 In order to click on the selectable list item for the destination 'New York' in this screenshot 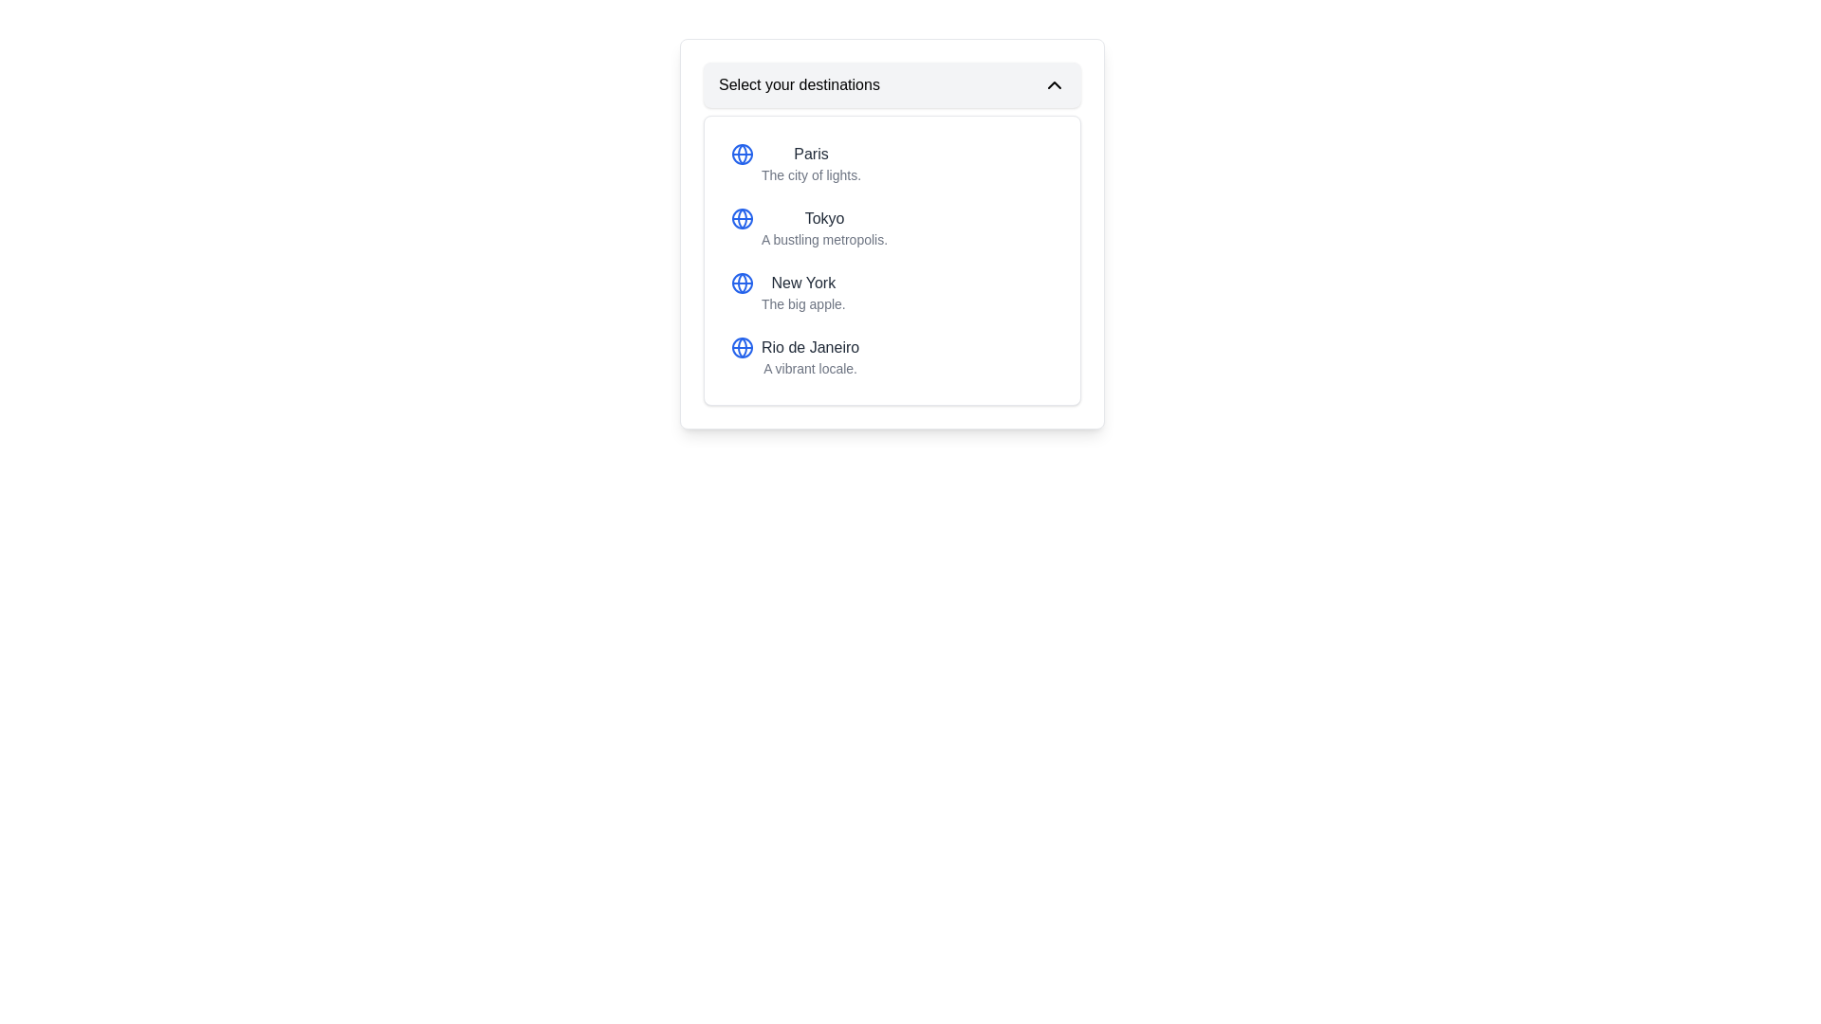, I will do `click(788, 292)`.